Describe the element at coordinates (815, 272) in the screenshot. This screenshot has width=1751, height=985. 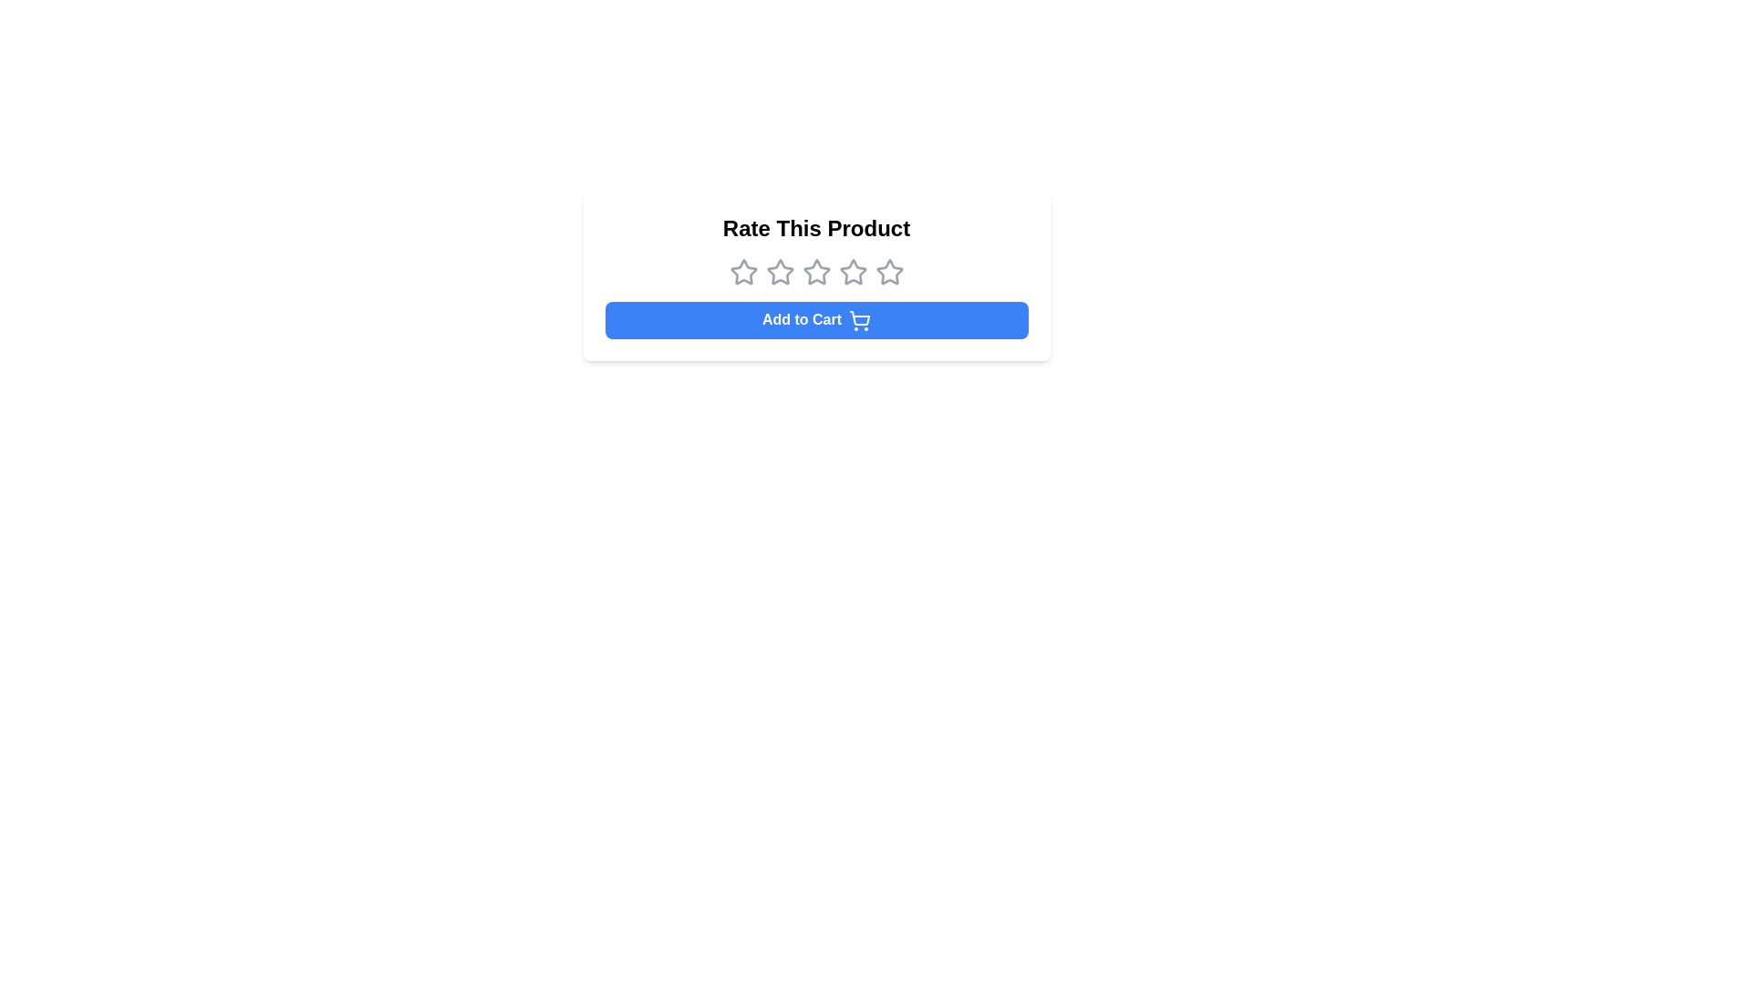
I see `the third star in the star-shaped rating icon` at that location.